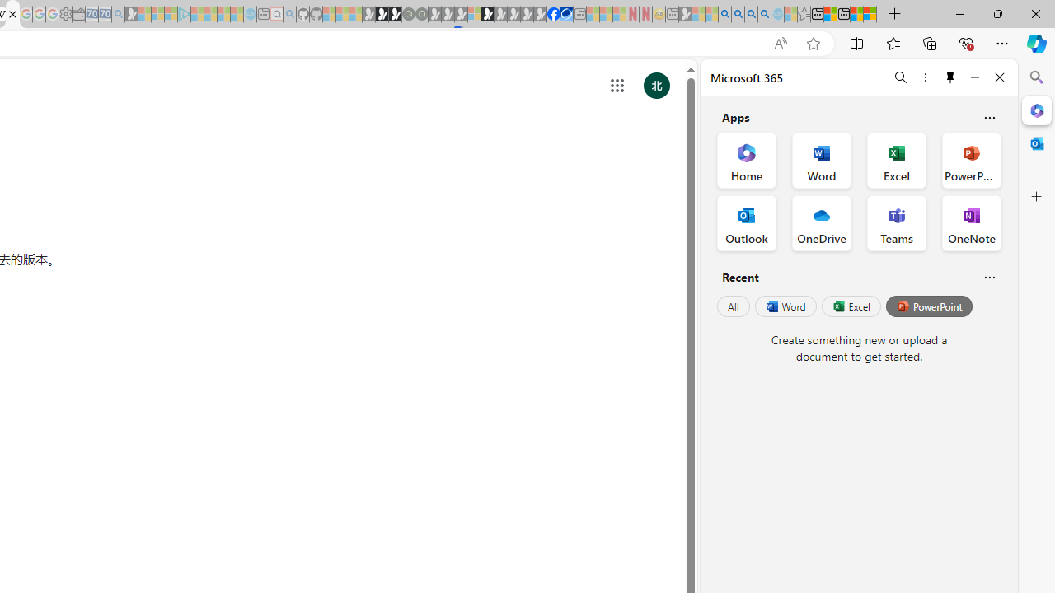 This screenshot has width=1055, height=593. What do you see at coordinates (685, 14) in the screenshot?
I see `'MSN - Sleeping'` at bounding box center [685, 14].